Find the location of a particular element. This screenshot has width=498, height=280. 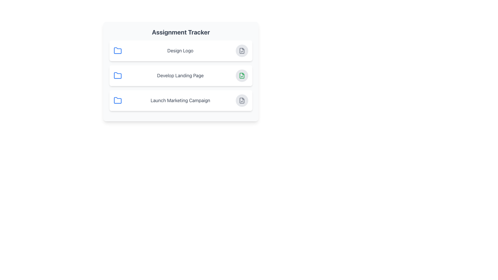

the button that symbolizes the action related to verifying the 'Design Logo' assignment, located on the far right side of the 'Design Logo' row in the 'Assignment Tracker' list is located at coordinates (241, 51).